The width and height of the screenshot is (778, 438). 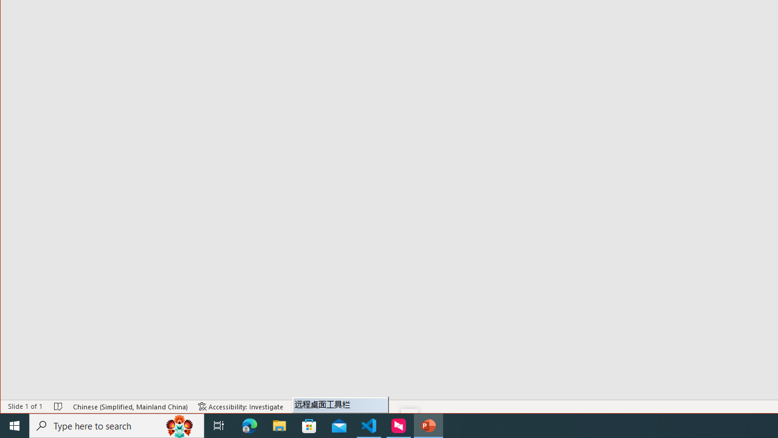 I want to click on 'PowerPoint - 1 running window', so click(x=429, y=425).